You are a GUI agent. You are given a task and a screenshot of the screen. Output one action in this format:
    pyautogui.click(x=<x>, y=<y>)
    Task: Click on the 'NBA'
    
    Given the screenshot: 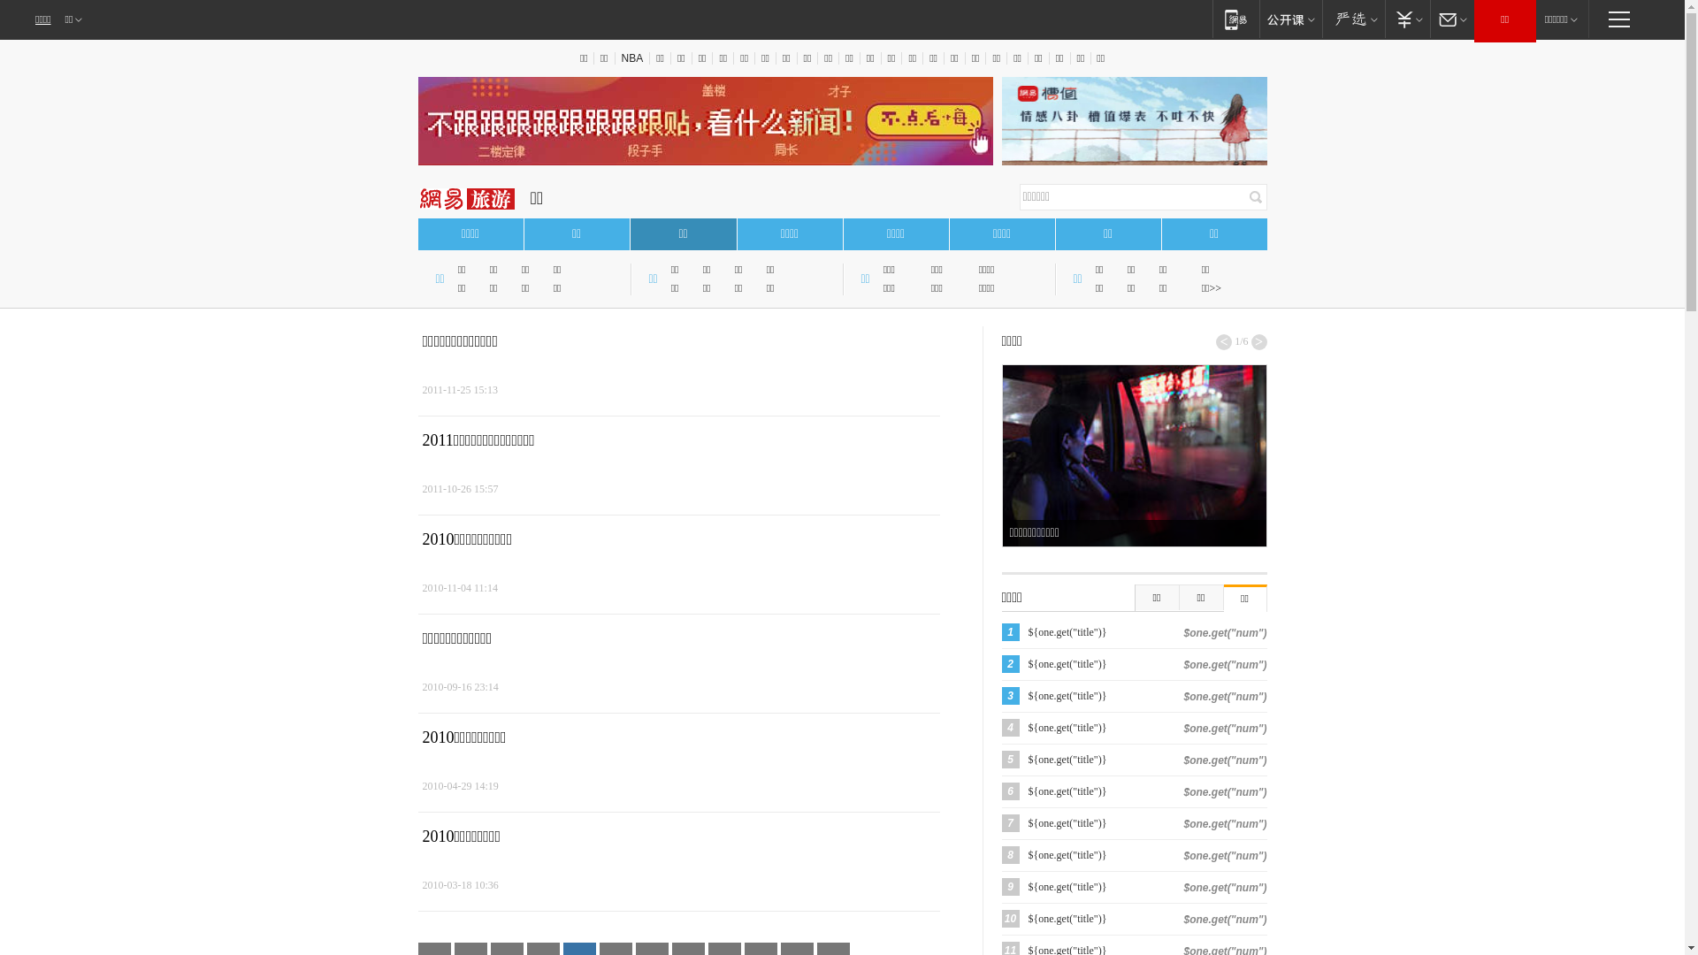 What is the action you would take?
    pyautogui.click(x=631, y=57)
    